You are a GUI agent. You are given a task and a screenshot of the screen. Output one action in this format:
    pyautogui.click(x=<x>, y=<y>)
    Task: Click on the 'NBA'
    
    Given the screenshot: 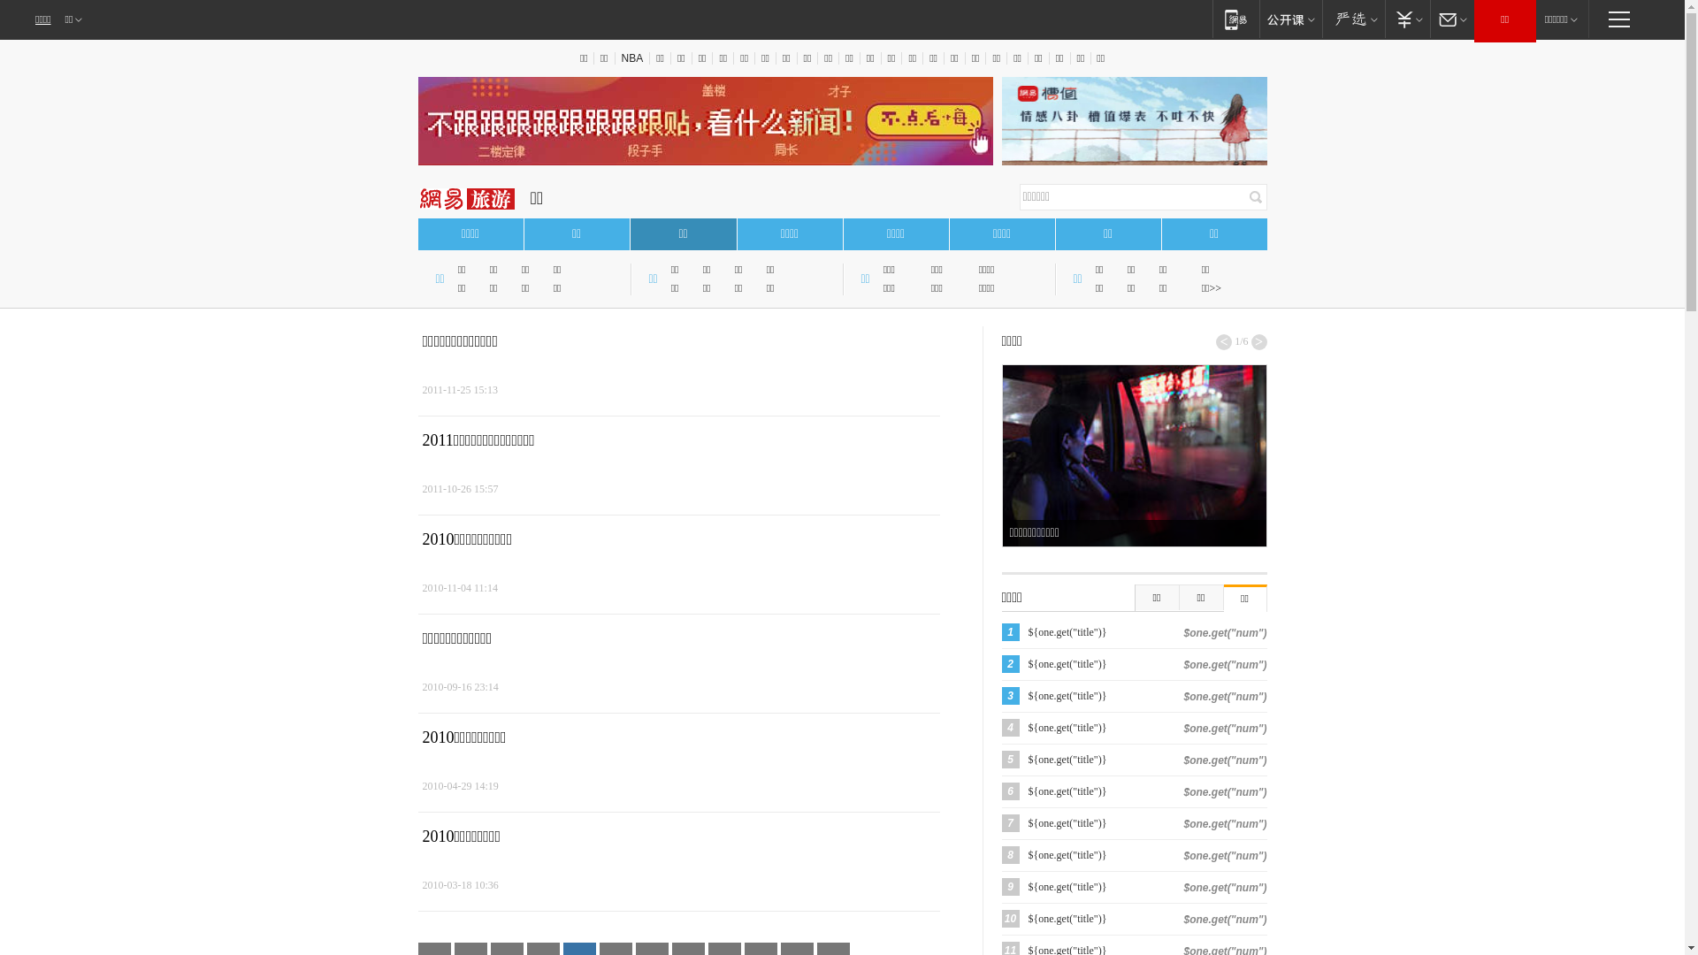 What is the action you would take?
    pyautogui.click(x=631, y=57)
    